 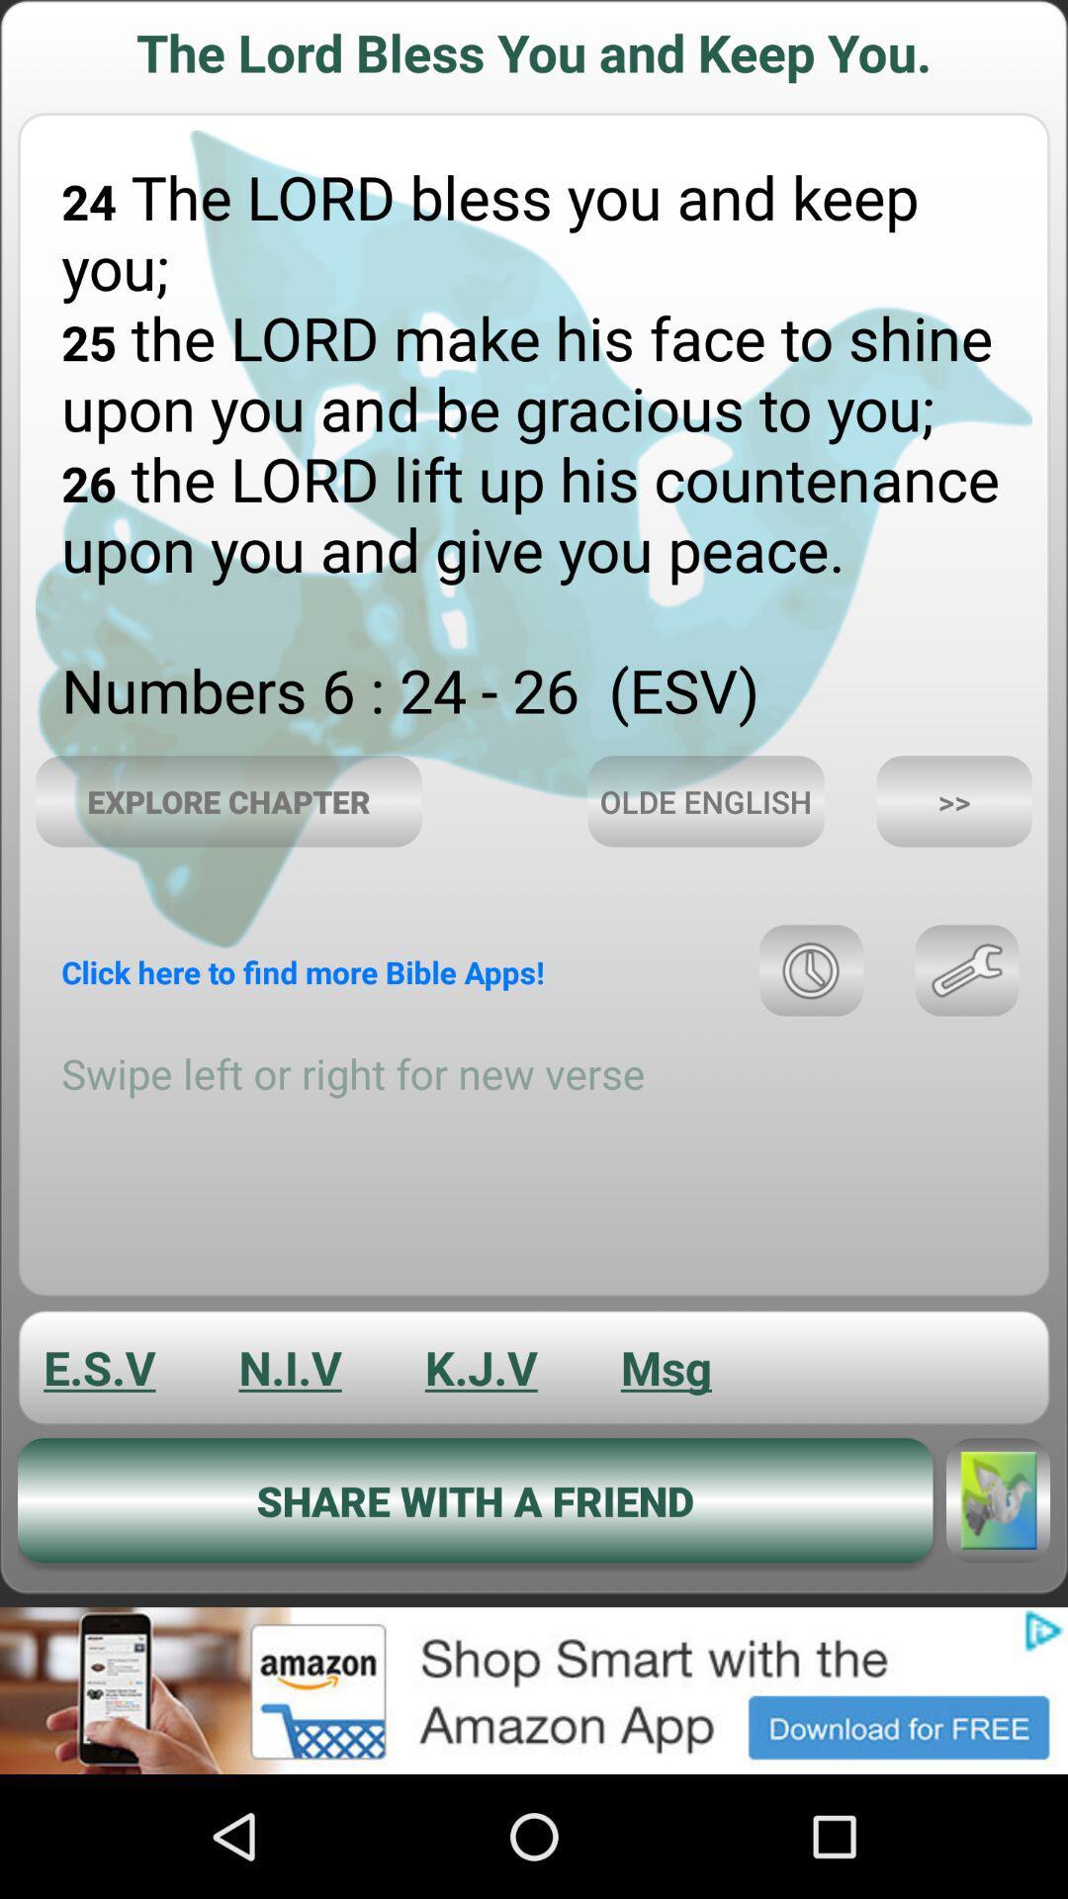 I want to click on the build icon, so click(x=966, y=1038).